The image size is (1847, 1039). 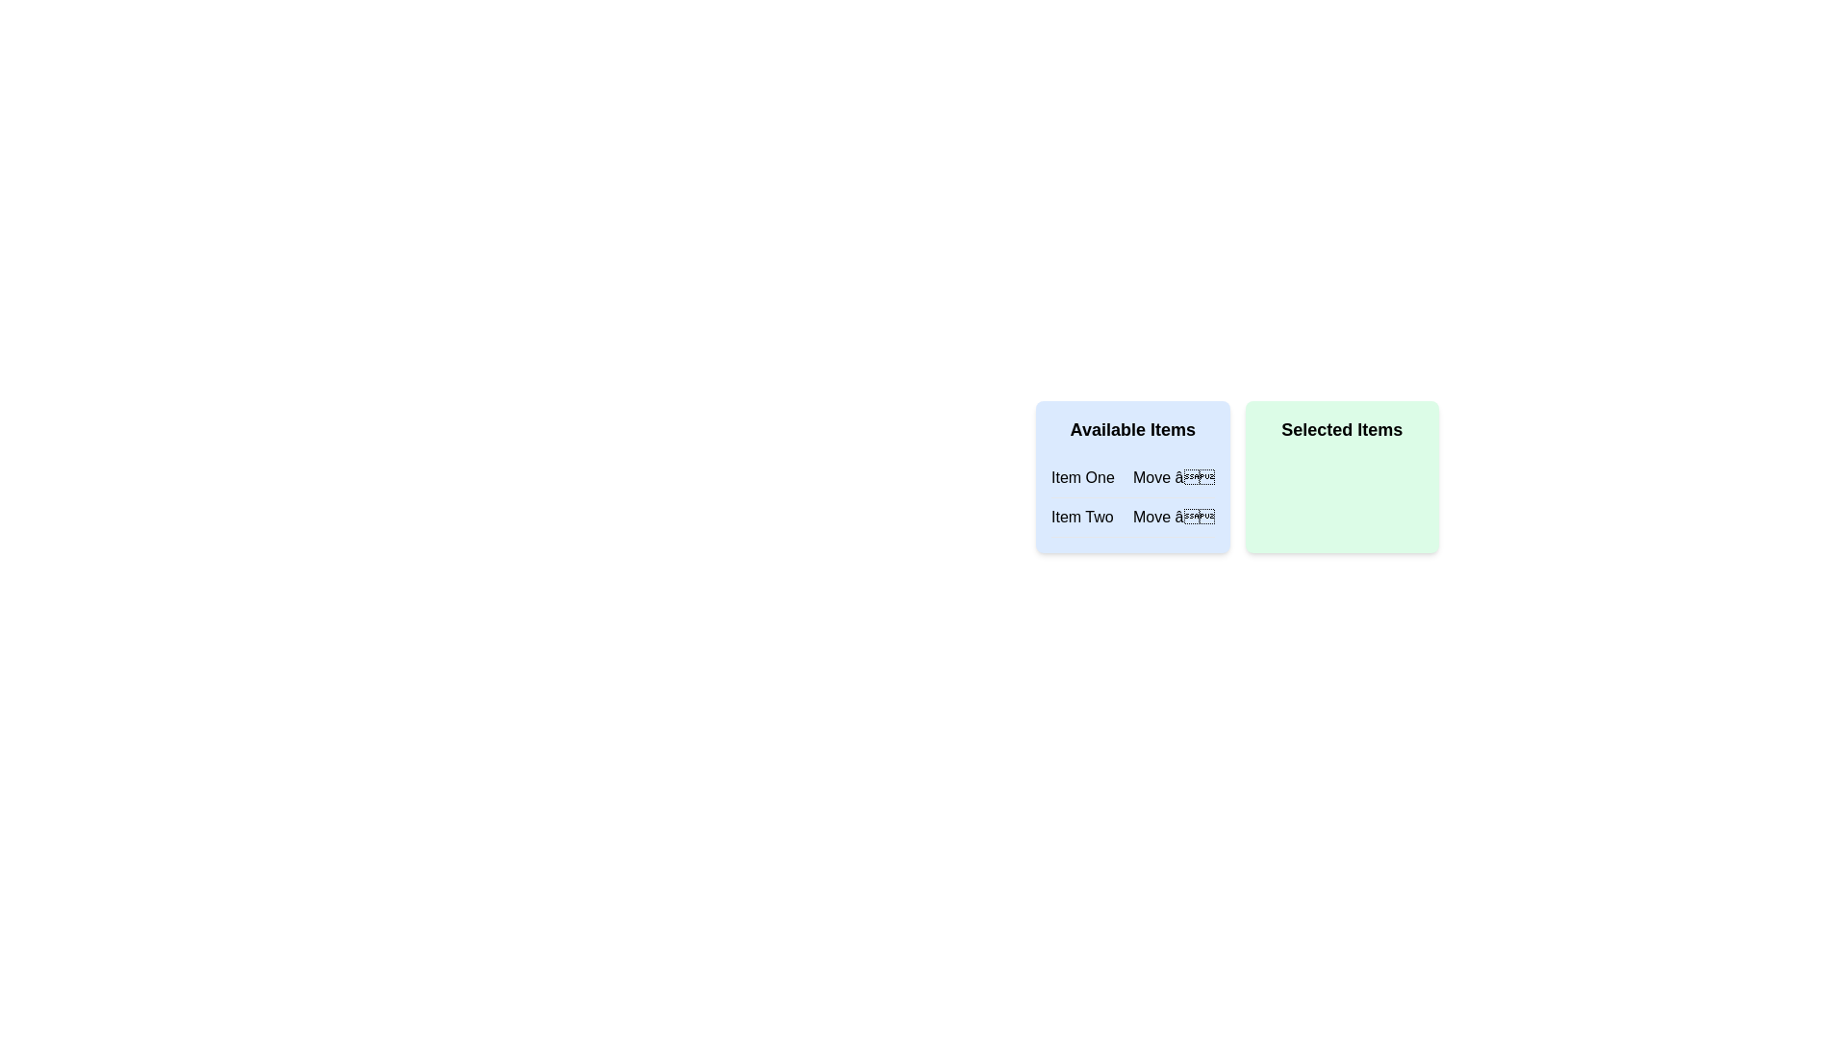 What do you see at coordinates (1341, 429) in the screenshot?
I see `the header of Selected Items group` at bounding box center [1341, 429].